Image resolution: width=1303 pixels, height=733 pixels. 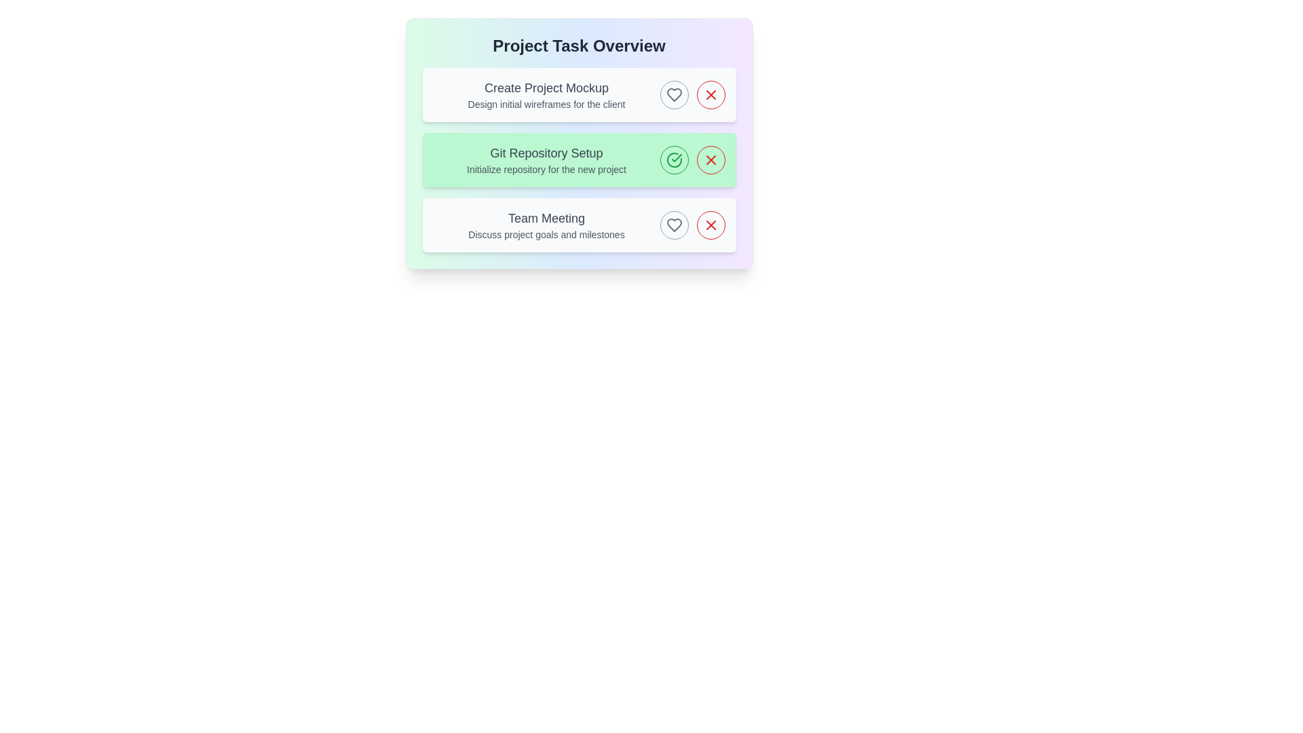 What do you see at coordinates (710, 224) in the screenshot?
I see `the delete button for the task titled 'Team Meeting'` at bounding box center [710, 224].